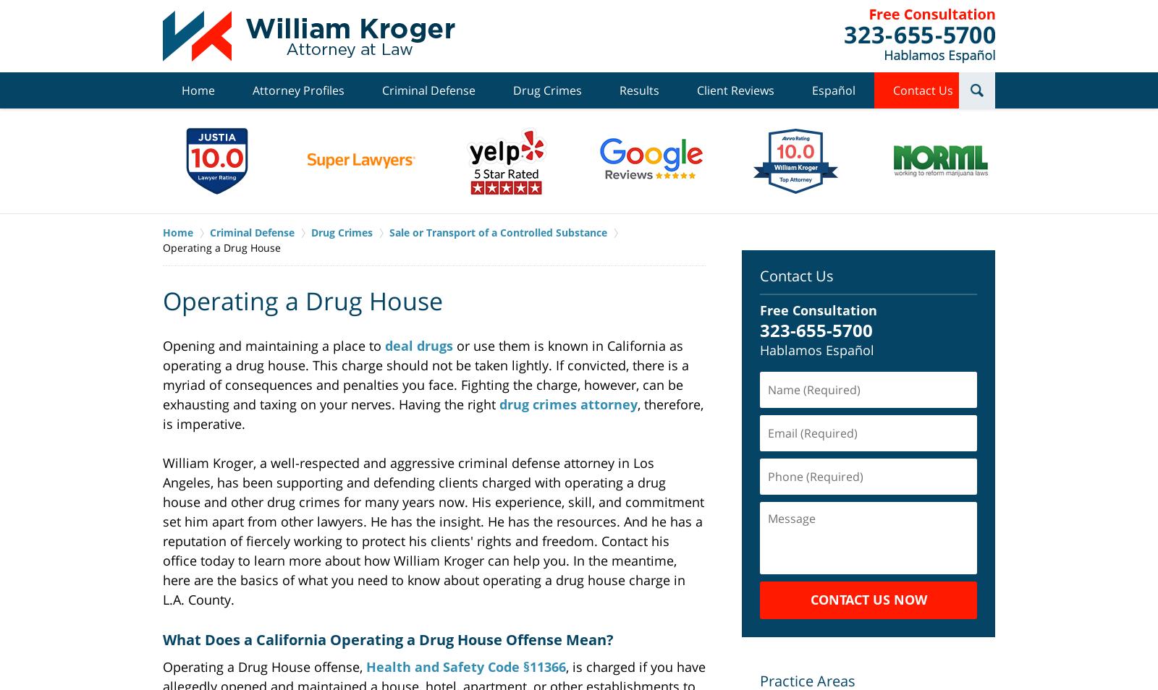 The height and width of the screenshot is (690, 1158). Describe the element at coordinates (302, 299) in the screenshot. I see `'Operating a Drug House'` at that location.